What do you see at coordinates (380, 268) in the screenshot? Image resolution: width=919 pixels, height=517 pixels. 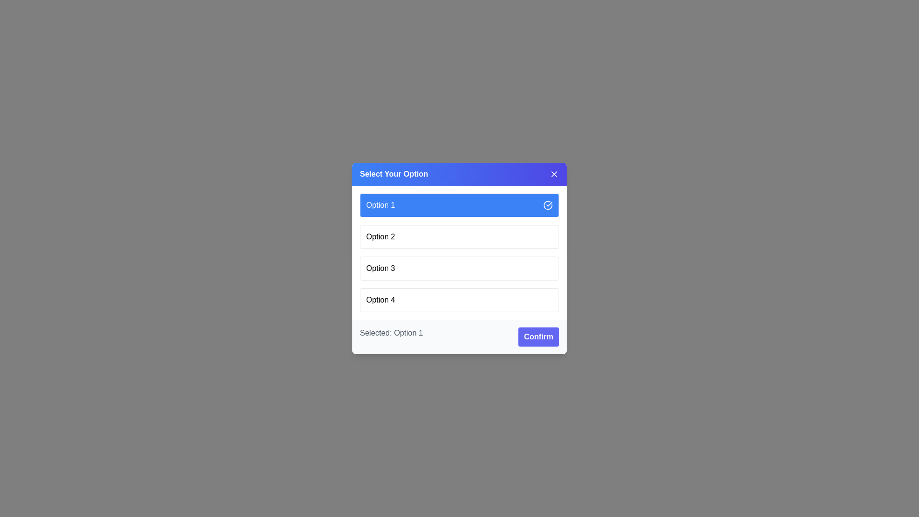 I see `the text item 'Option 3' in the selectable list` at bounding box center [380, 268].